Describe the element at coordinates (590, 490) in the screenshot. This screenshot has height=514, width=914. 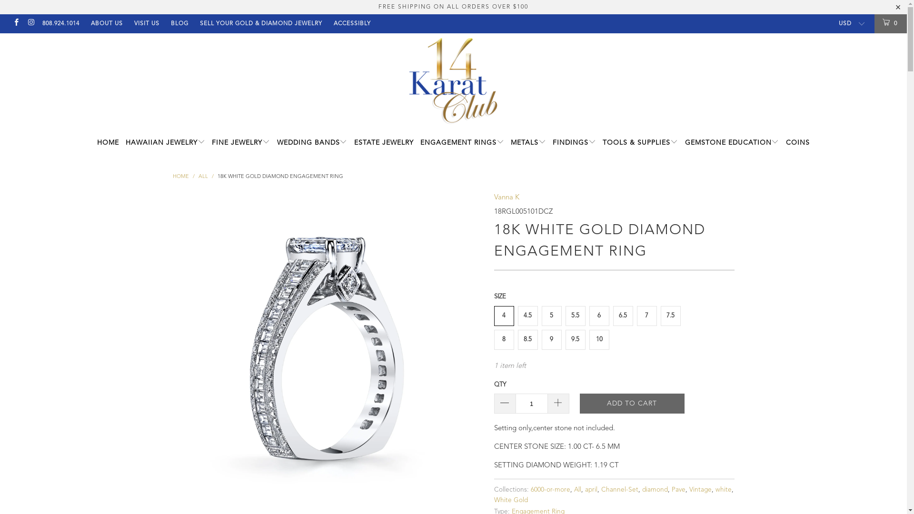
I see `'april'` at that location.